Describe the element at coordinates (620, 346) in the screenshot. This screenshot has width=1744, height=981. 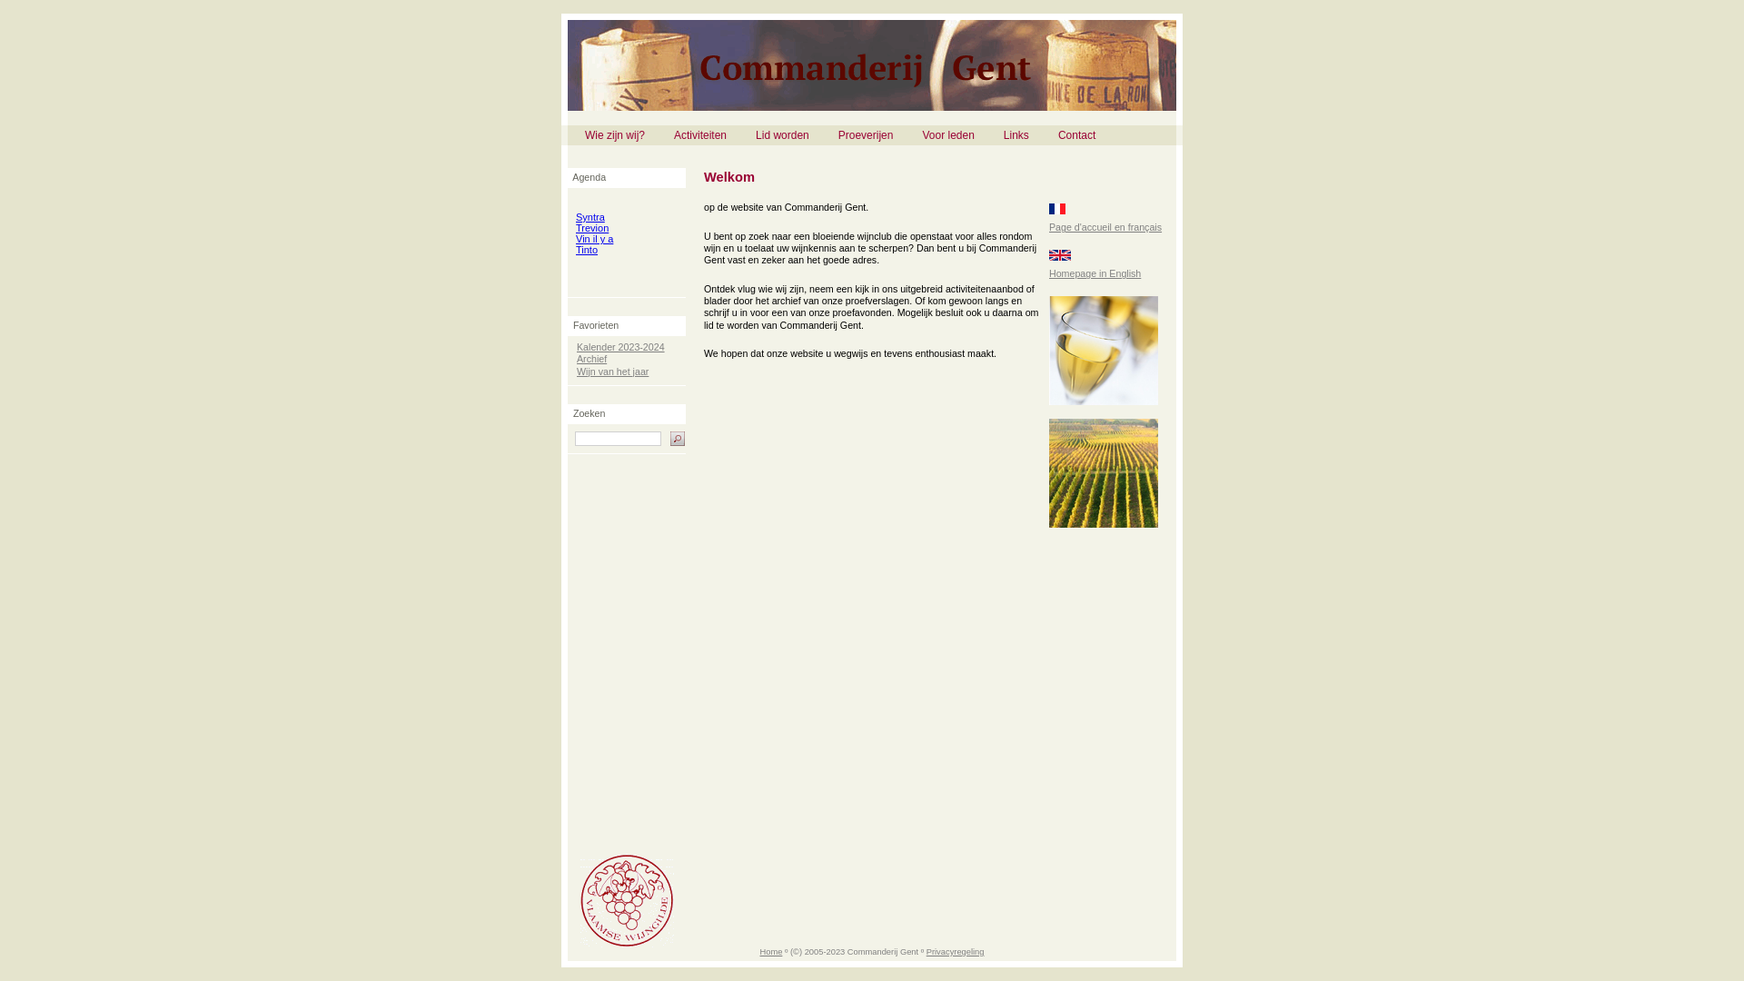
I see `'Kalender 2023-2024'` at that location.